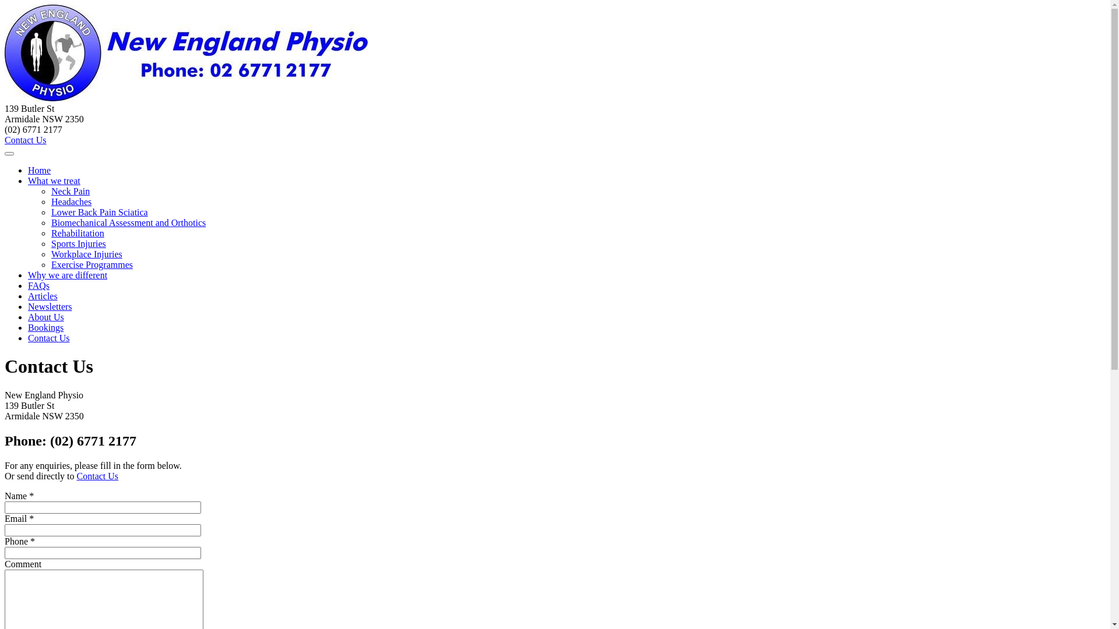  Describe the element at coordinates (69, 190) in the screenshot. I see `'Neck Pain'` at that location.